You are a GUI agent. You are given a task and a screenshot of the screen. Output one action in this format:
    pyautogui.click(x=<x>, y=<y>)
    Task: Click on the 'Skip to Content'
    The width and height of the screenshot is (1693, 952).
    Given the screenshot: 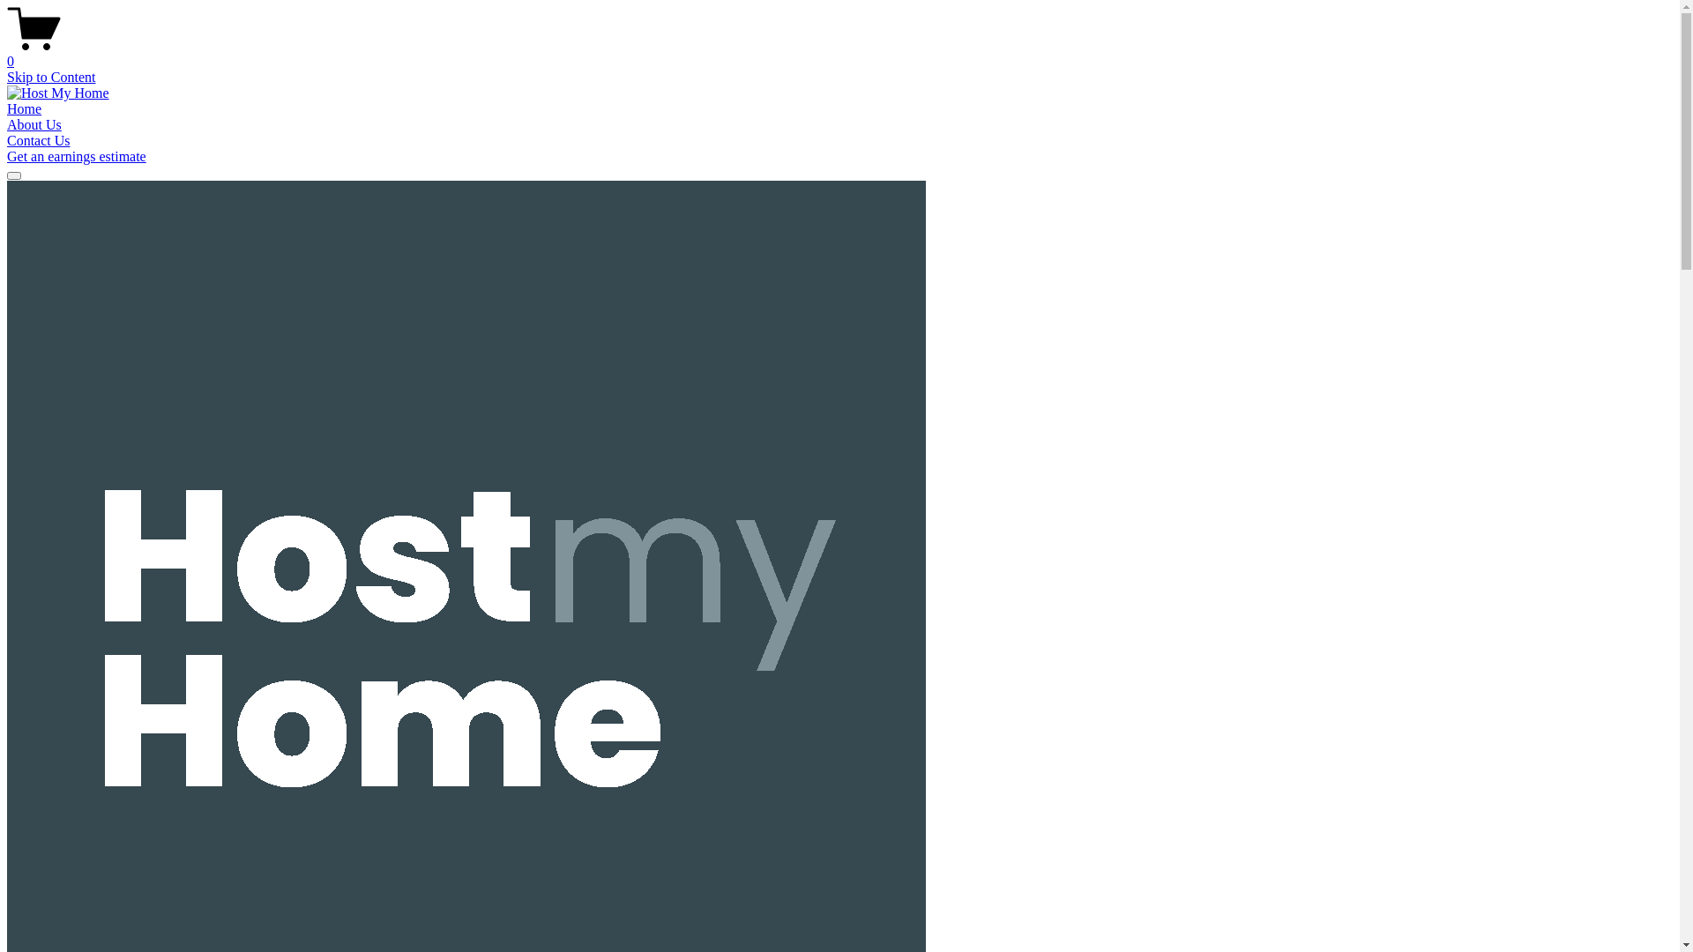 What is the action you would take?
    pyautogui.click(x=7, y=76)
    